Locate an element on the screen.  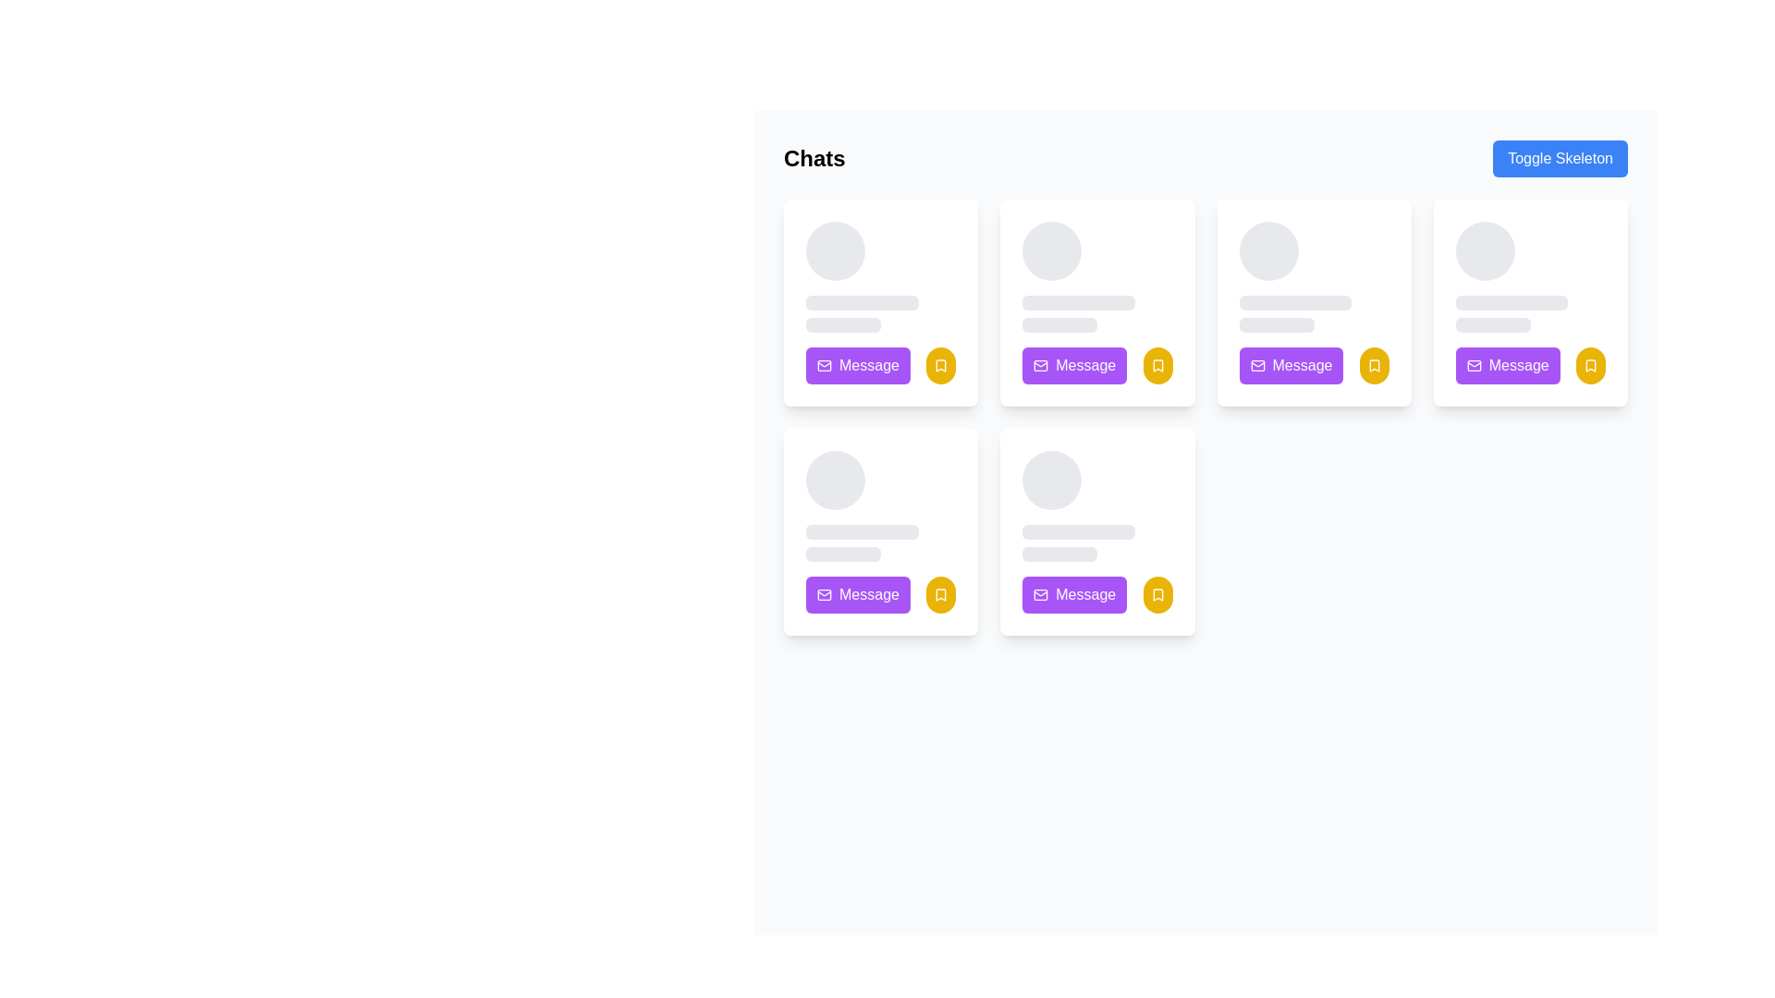
the circular graphic placeholder with a gray background located in the top-right card of a grid layout, positioned above two horizontal rectangular bars is located at coordinates (1485, 251).